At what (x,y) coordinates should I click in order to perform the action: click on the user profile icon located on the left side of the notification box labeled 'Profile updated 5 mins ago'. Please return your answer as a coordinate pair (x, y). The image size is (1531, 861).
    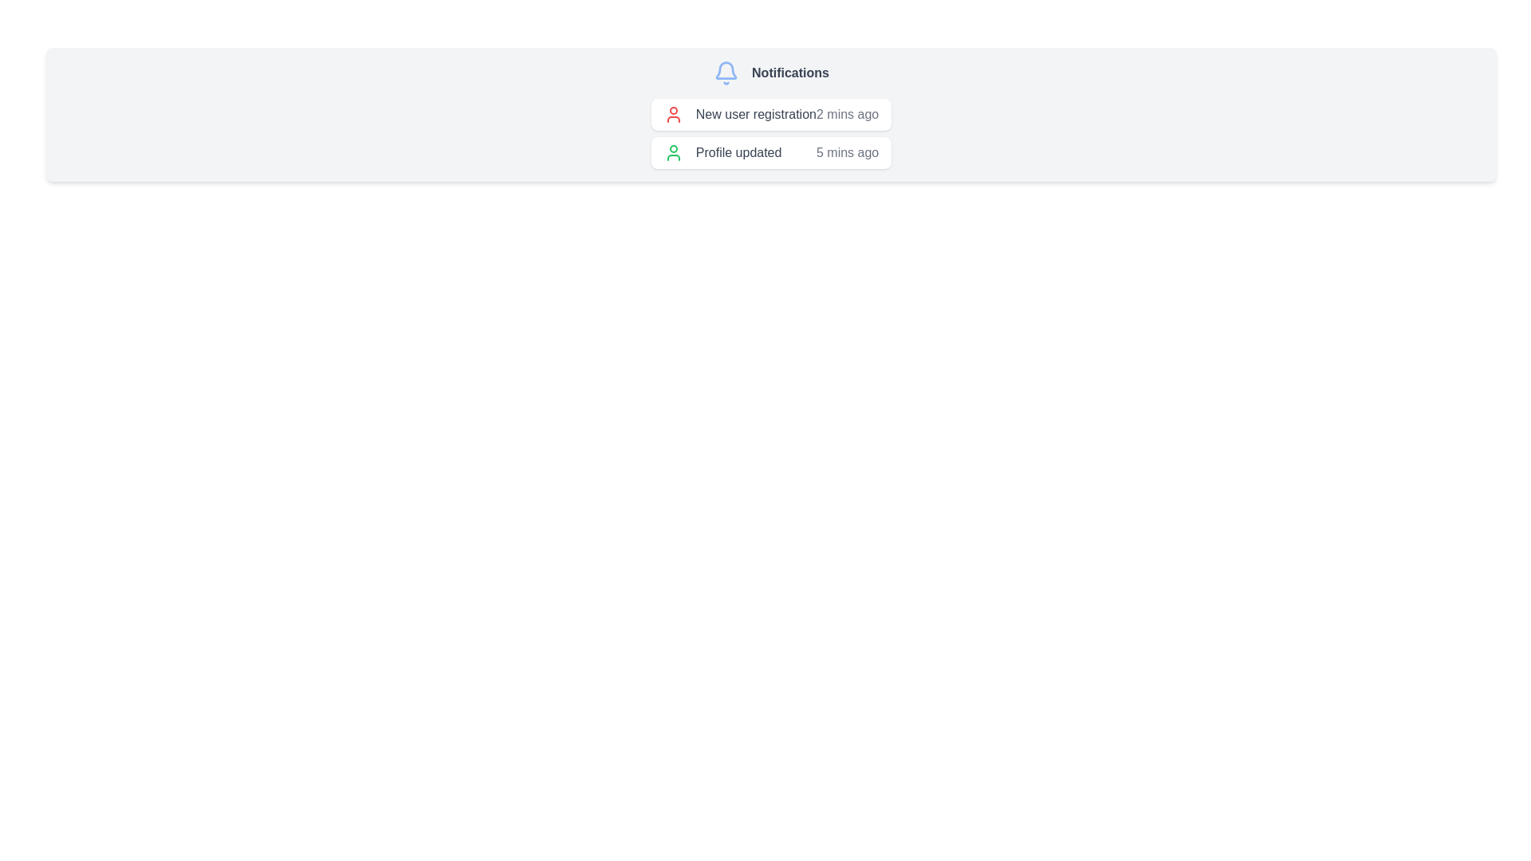
    Looking at the image, I should click on (673, 153).